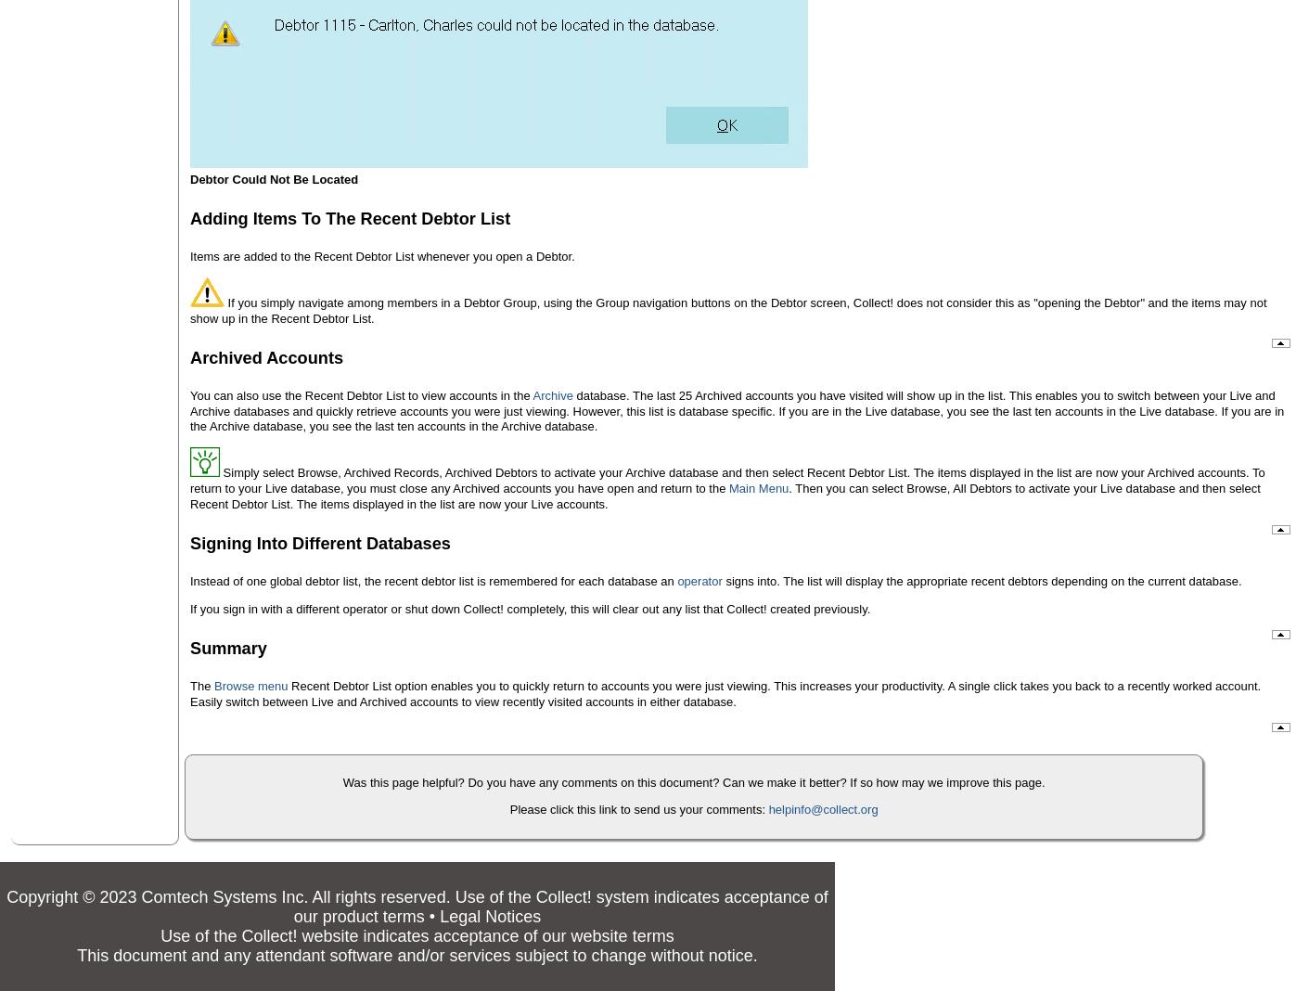 The height and width of the screenshot is (991, 1309). What do you see at coordinates (725, 480) in the screenshot?
I see `'Simply select Browse, Archived Records,
Archived Debtors to activate your Archive database
and then select Recent Debtor List. The items displayed in
the list are now your Archived accounts. To return to your
Live database, you must close any Archived accounts
you have open and return to the'` at bounding box center [725, 480].